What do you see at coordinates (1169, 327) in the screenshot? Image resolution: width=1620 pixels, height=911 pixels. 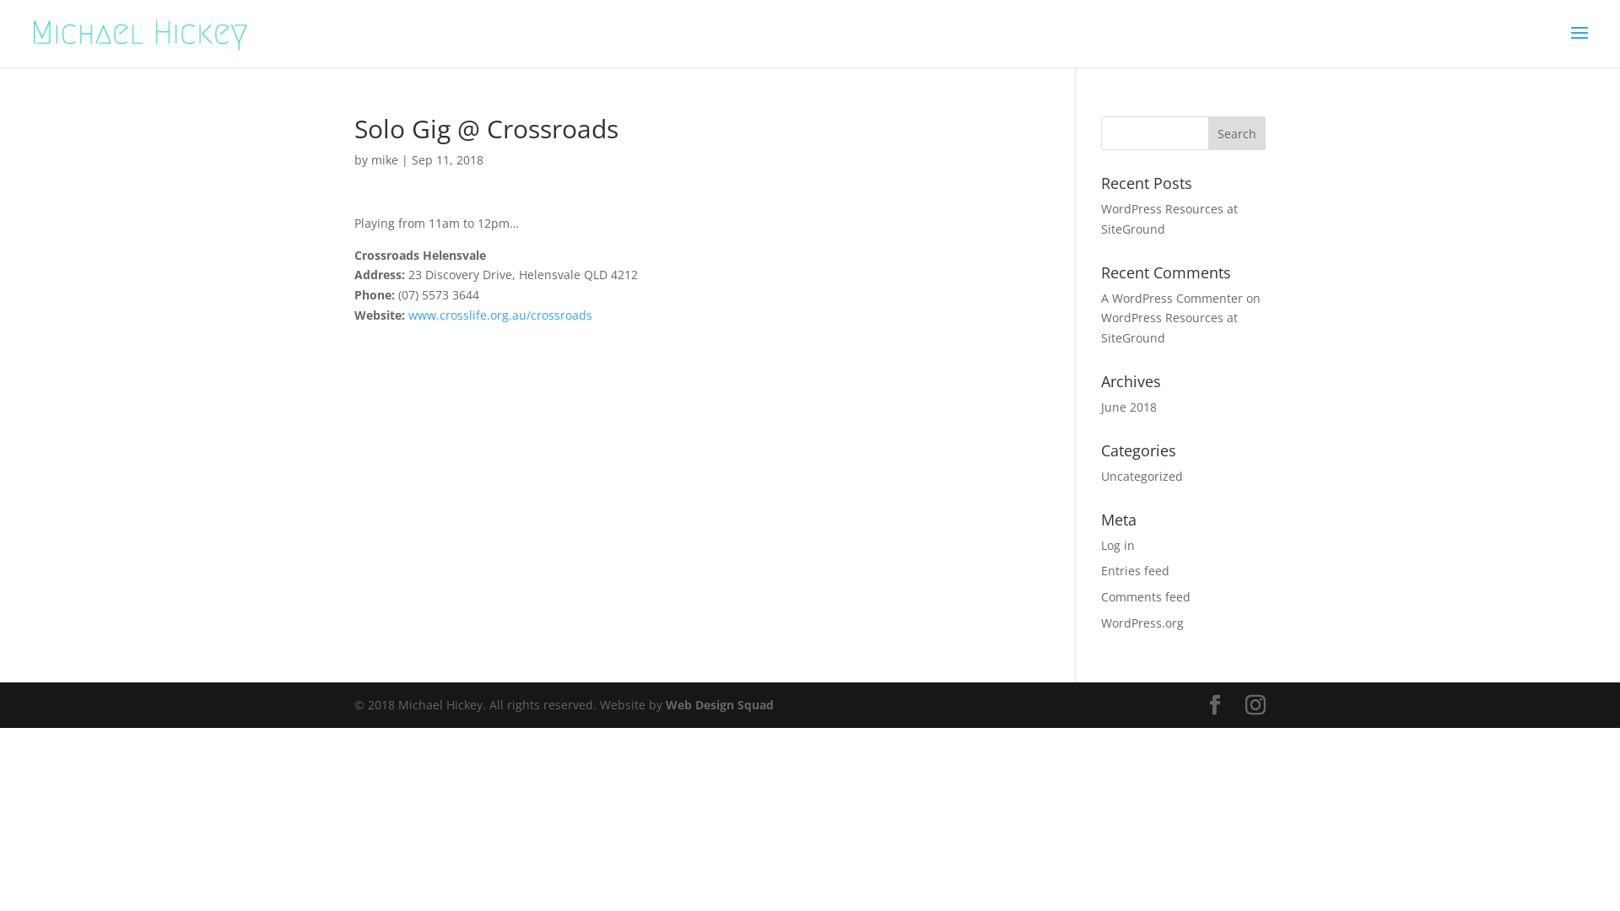 I see `'WordPress Resources at SiteGround'` at bounding box center [1169, 327].